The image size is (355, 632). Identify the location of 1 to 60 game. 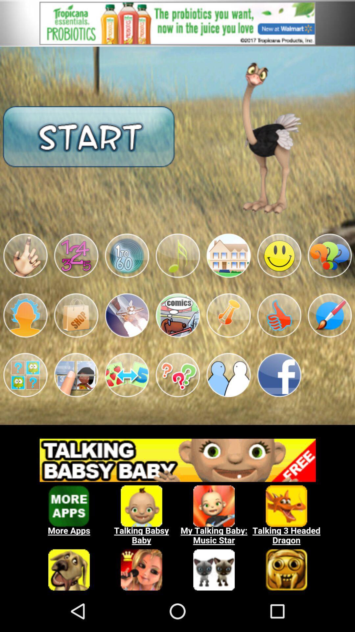
(127, 255).